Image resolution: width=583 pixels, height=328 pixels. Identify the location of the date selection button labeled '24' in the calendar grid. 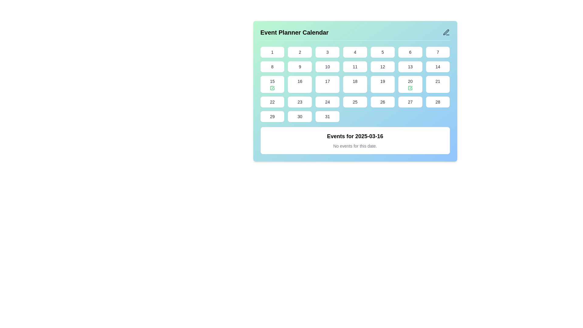
(327, 101).